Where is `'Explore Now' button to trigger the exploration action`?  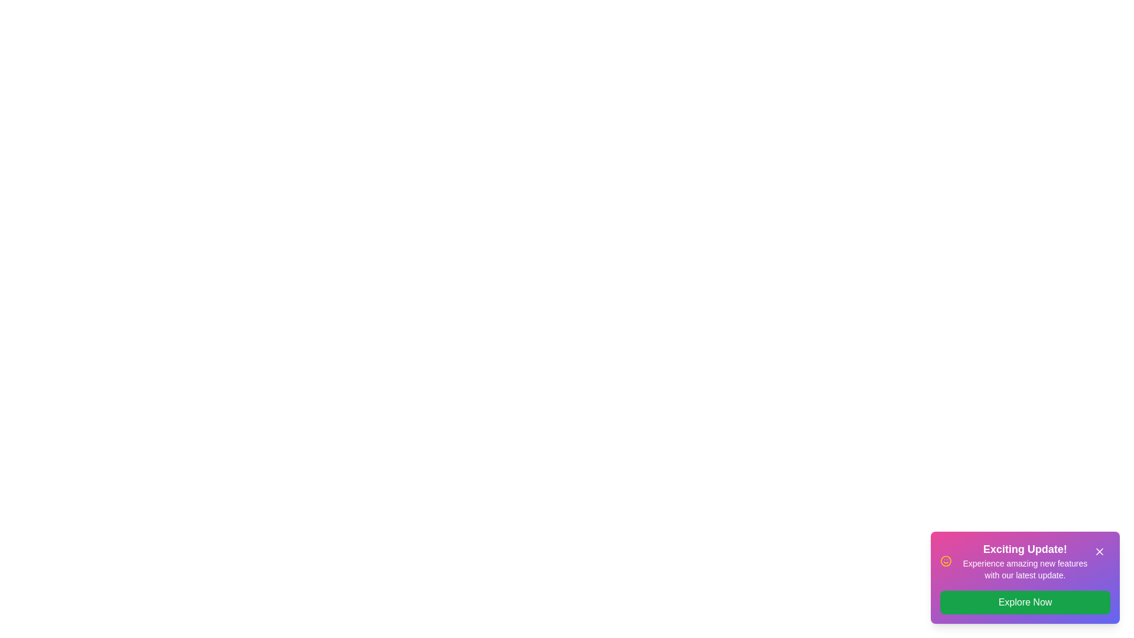
'Explore Now' button to trigger the exploration action is located at coordinates (1025, 602).